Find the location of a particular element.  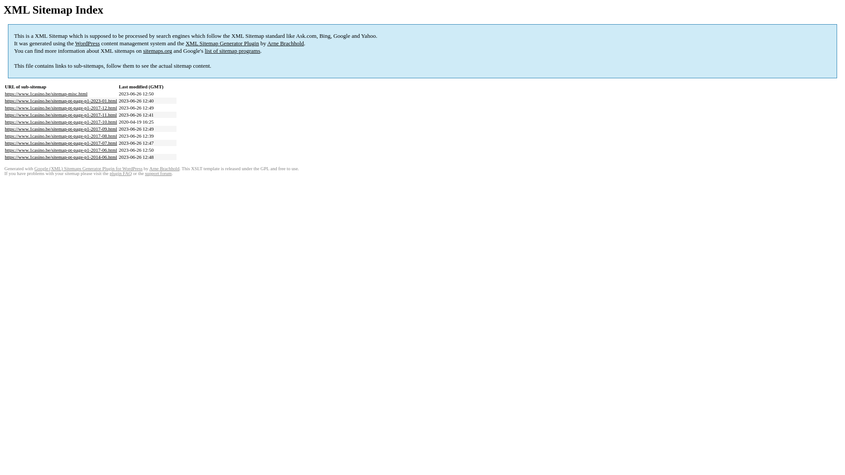

'https://www.1casino.be/sitemap-pt-page-p1-2017-10.html' is located at coordinates (60, 122).